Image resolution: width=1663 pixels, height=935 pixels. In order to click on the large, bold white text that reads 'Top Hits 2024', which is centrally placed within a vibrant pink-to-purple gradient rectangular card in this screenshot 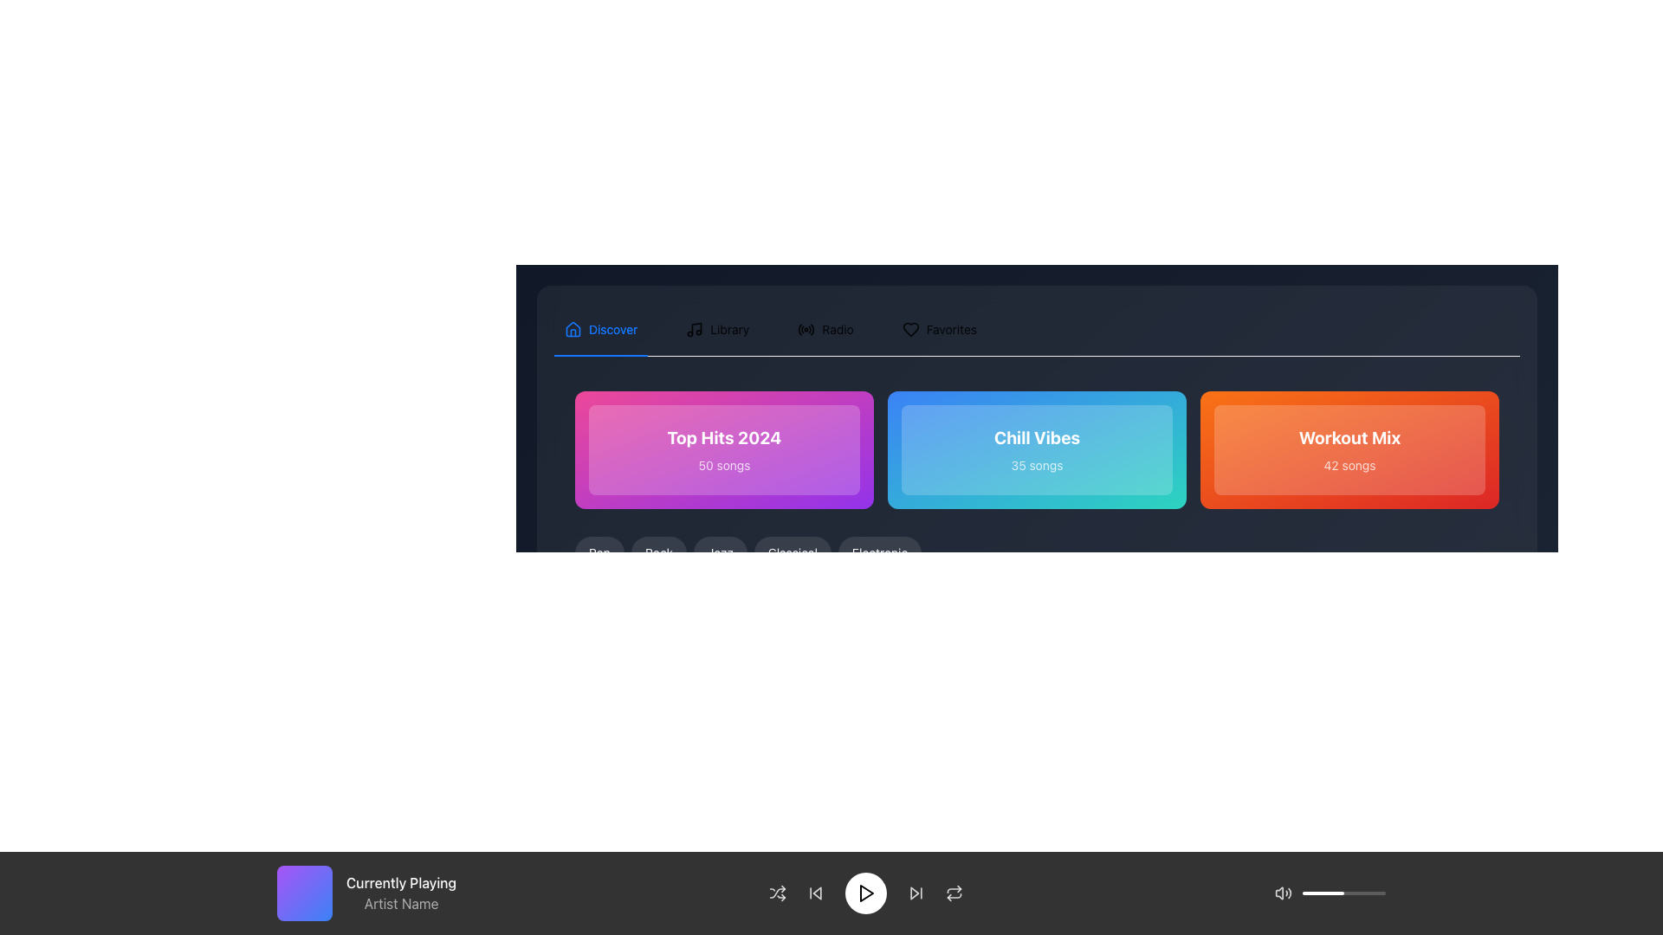, I will do `click(724, 436)`.